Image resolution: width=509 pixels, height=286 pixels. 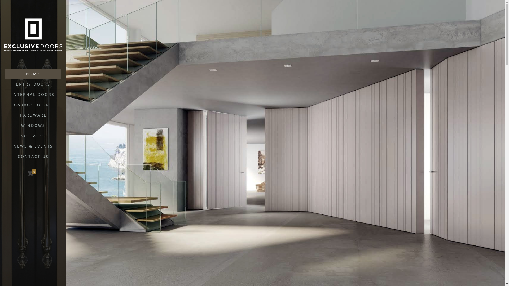 I want to click on 'Exclusive Doors', so click(x=33, y=34).